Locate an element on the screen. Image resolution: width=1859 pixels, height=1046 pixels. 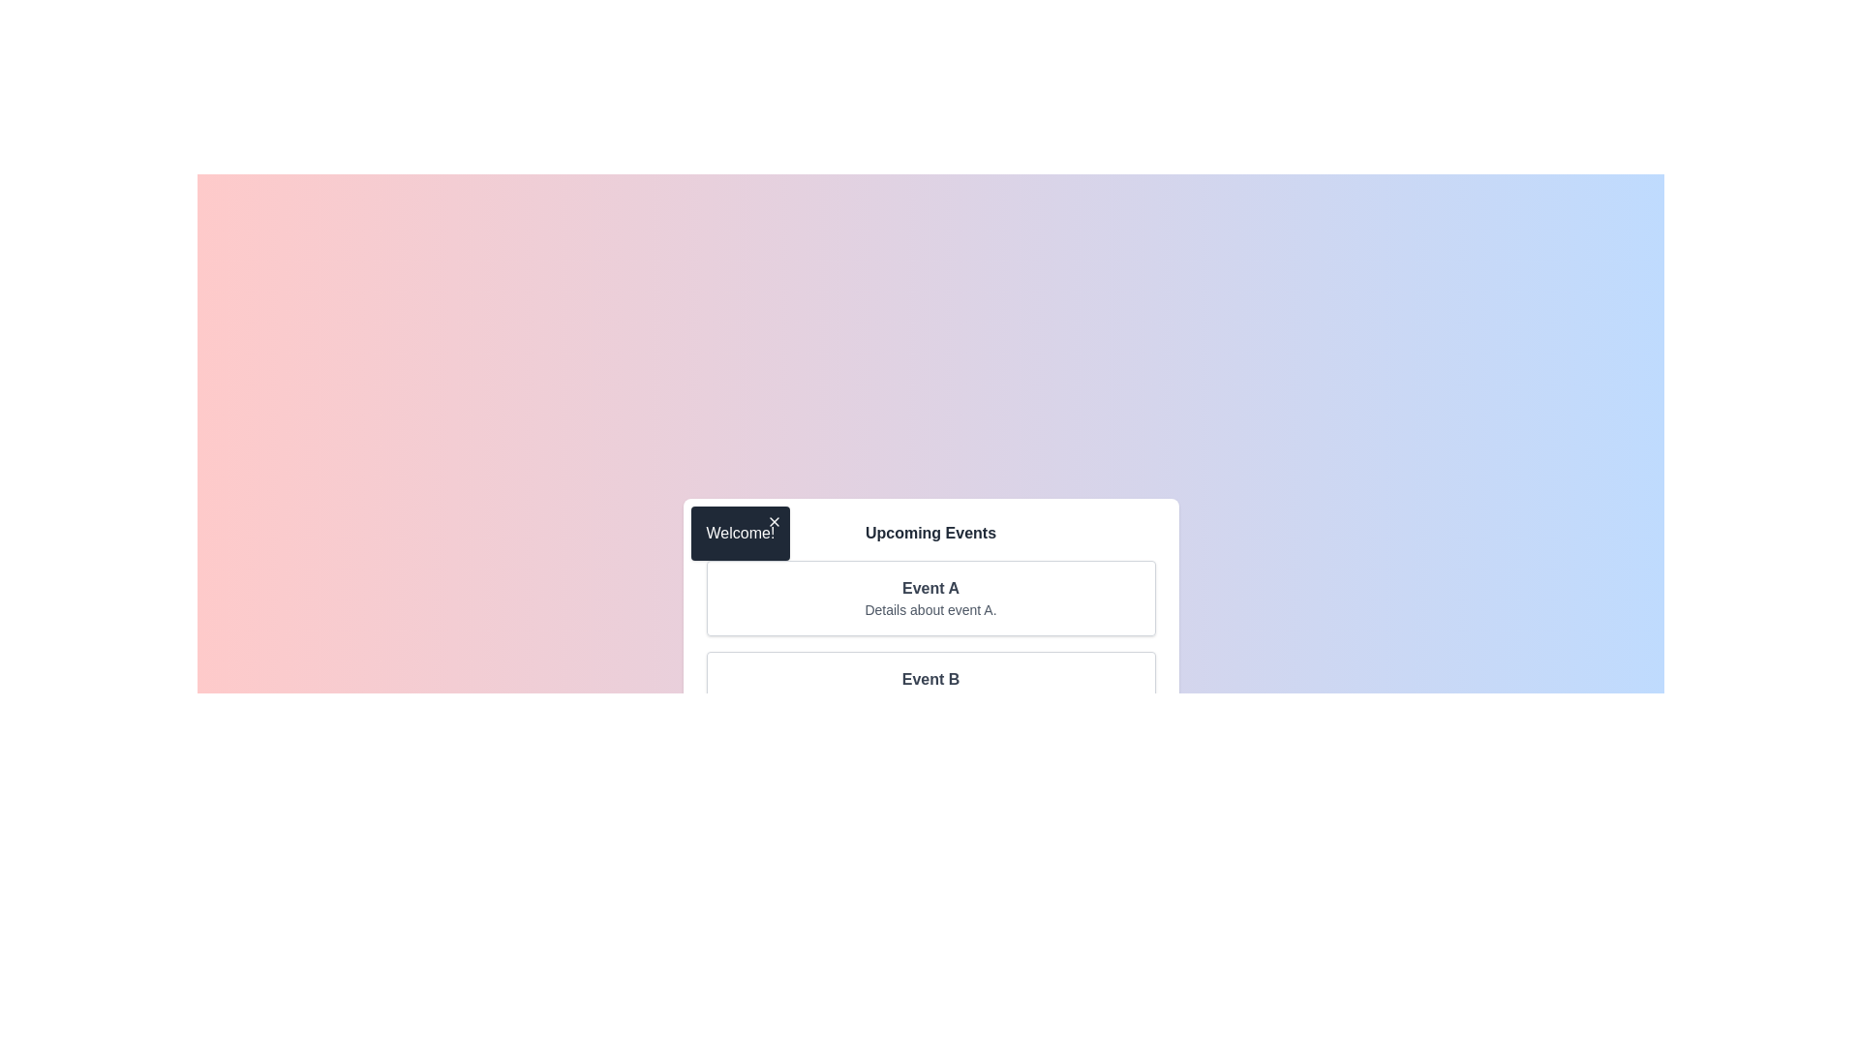
the 'Upcoming Events' text label, which is in bold gray font and positioned centrally beneath the 'Welcome!' label and above the first event card is located at coordinates (930, 534).